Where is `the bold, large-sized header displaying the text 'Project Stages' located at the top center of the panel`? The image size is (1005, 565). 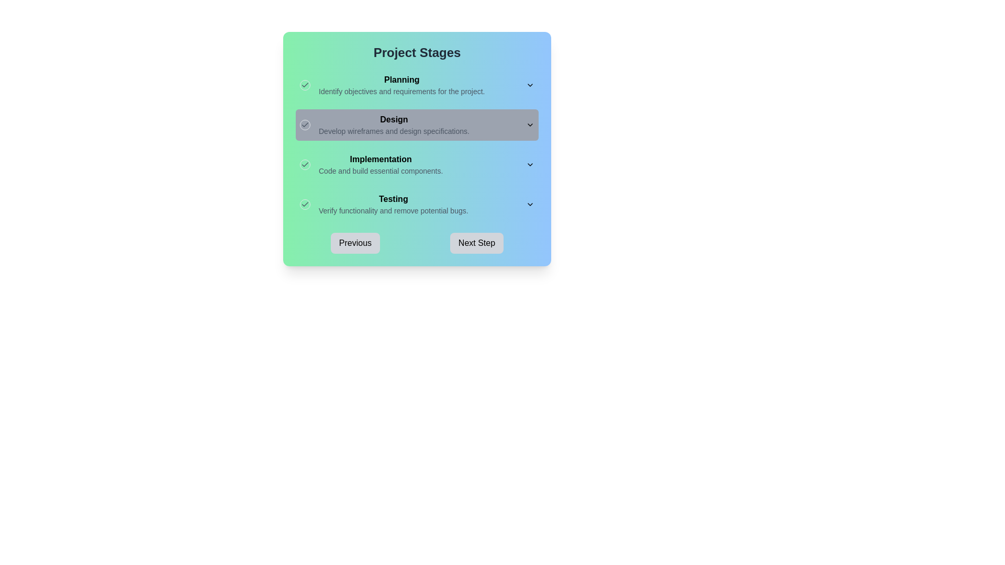
the bold, large-sized header displaying the text 'Project Stages' located at the top center of the panel is located at coordinates (416, 52).